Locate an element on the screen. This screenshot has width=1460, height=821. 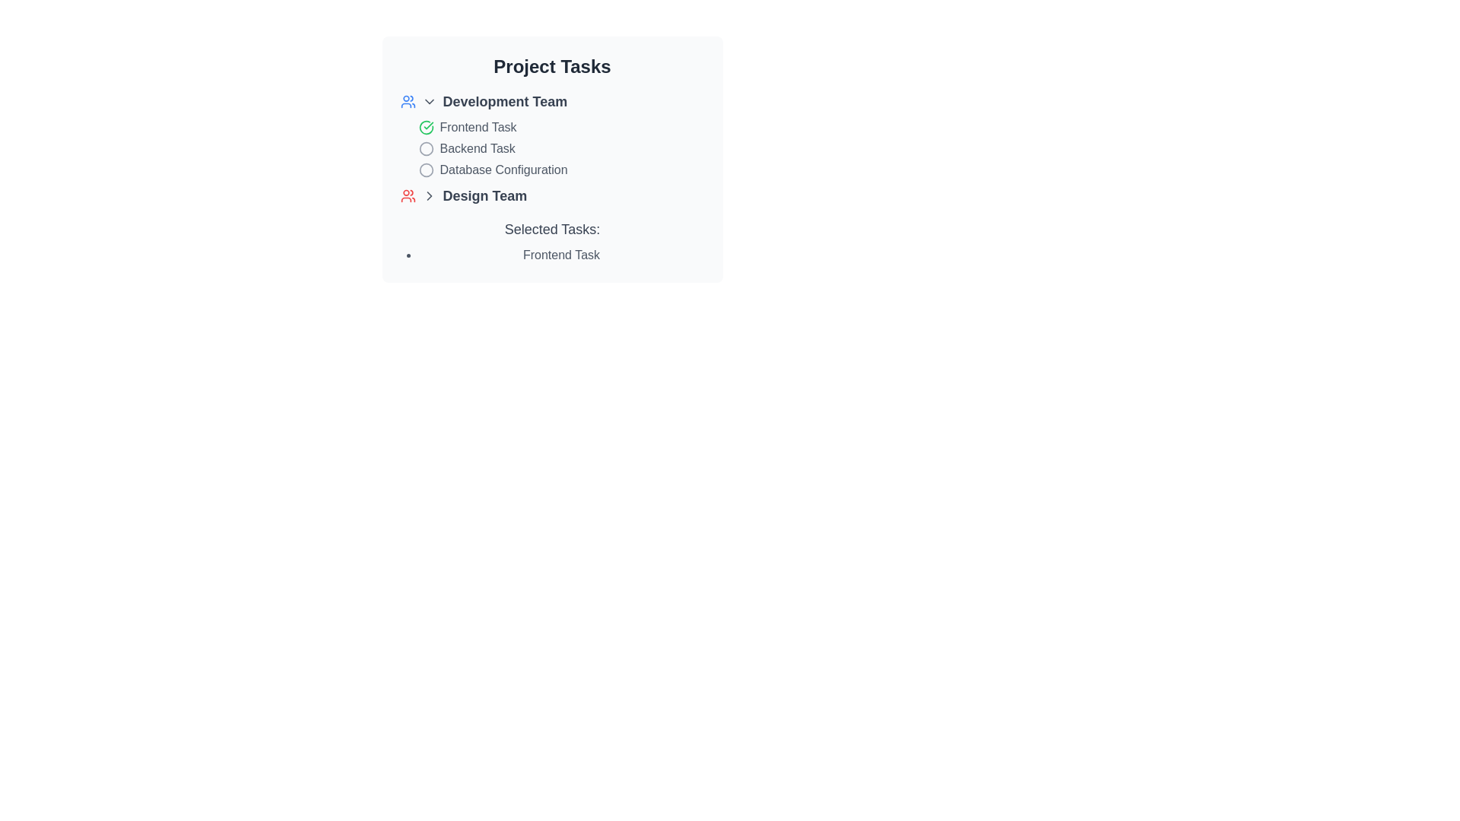
the downward-pointing chevron button next to the 'Development Team' text is located at coordinates (428, 102).